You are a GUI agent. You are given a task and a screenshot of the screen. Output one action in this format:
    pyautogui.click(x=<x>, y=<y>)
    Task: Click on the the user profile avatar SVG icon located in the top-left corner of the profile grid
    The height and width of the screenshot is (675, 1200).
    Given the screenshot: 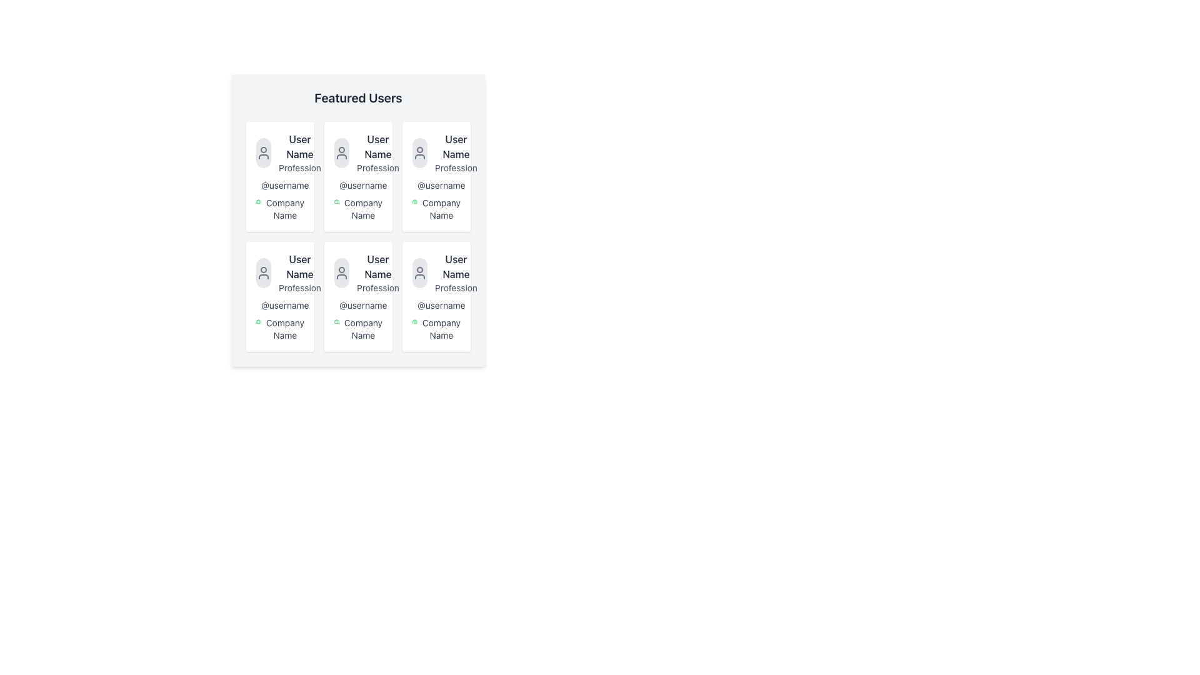 What is the action you would take?
    pyautogui.click(x=263, y=152)
    